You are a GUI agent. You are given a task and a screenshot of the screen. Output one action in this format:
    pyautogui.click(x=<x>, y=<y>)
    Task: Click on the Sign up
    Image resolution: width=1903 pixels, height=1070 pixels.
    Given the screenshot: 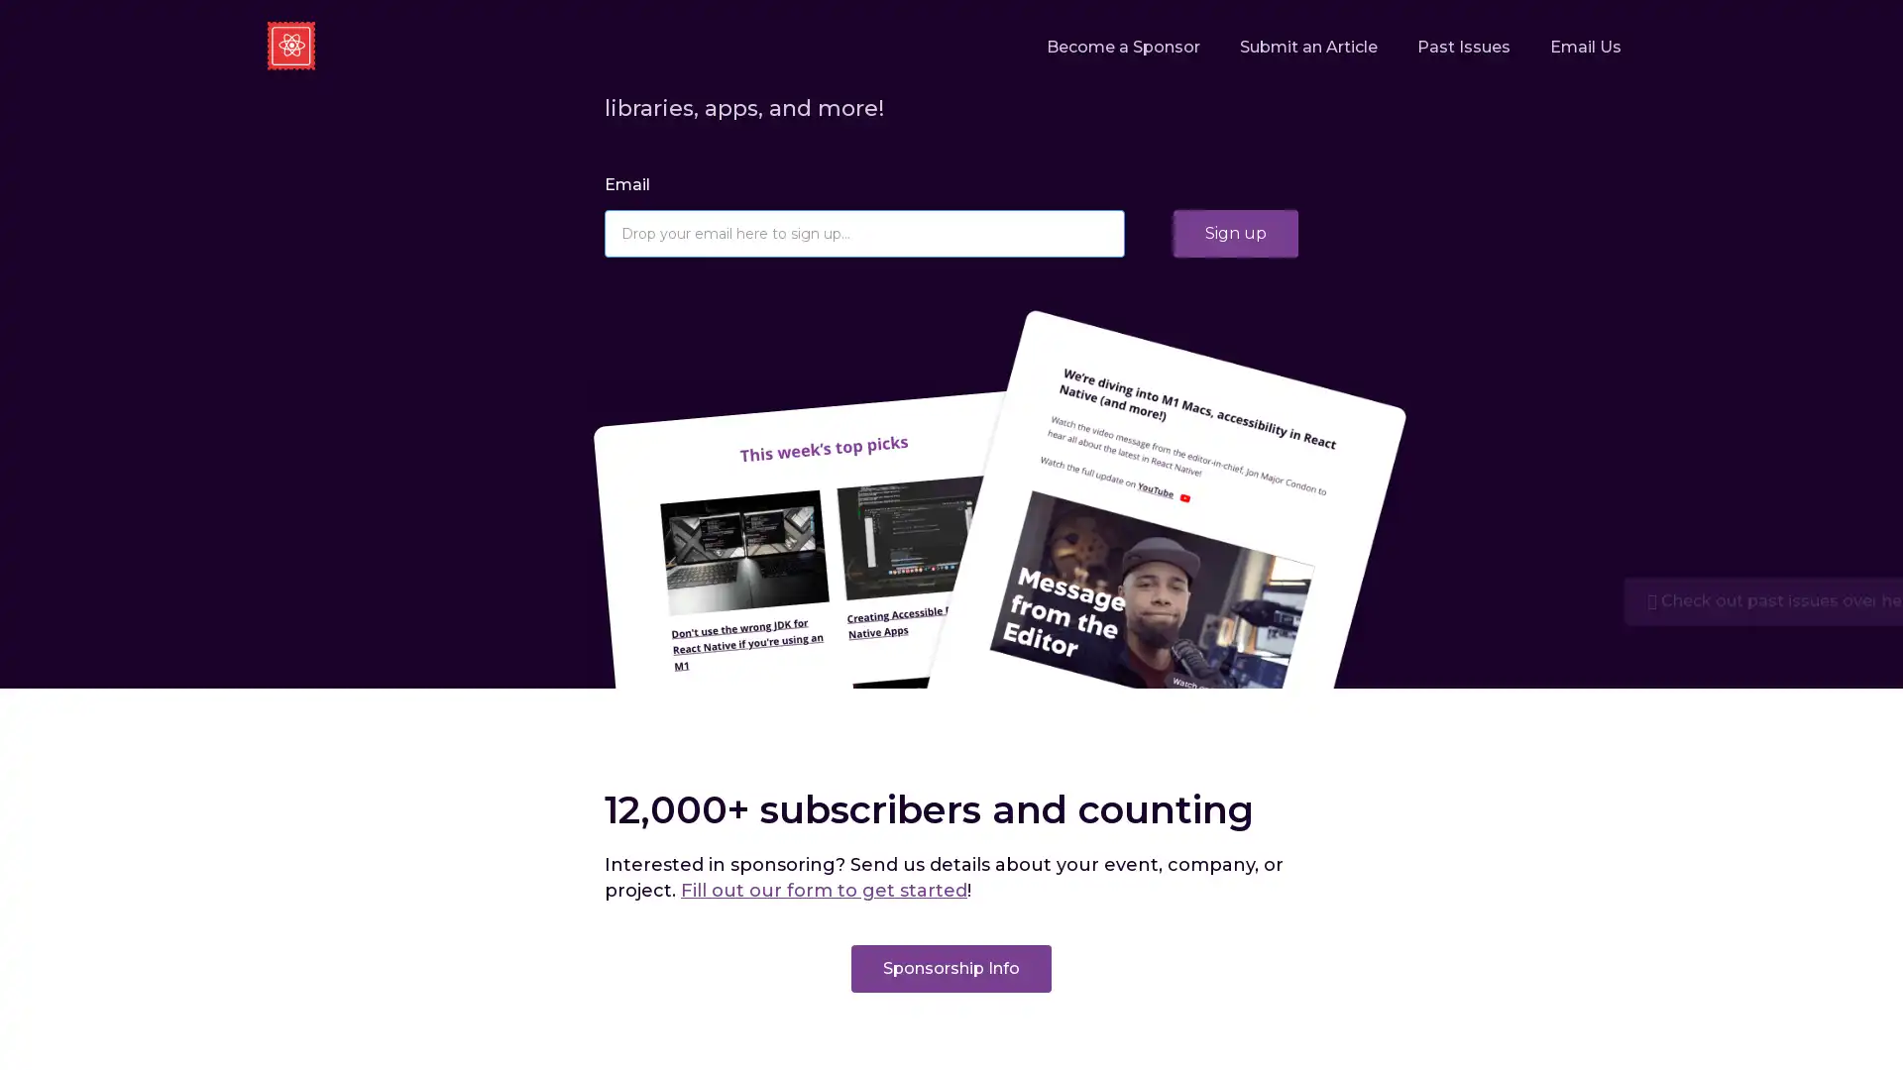 What is the action you would take?
    pyautogui.click(x=1235, y=232)
    